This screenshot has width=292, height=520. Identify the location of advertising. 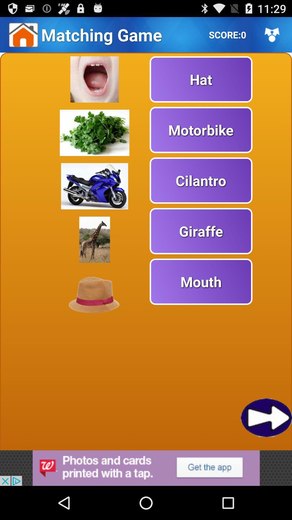
(146, 468).